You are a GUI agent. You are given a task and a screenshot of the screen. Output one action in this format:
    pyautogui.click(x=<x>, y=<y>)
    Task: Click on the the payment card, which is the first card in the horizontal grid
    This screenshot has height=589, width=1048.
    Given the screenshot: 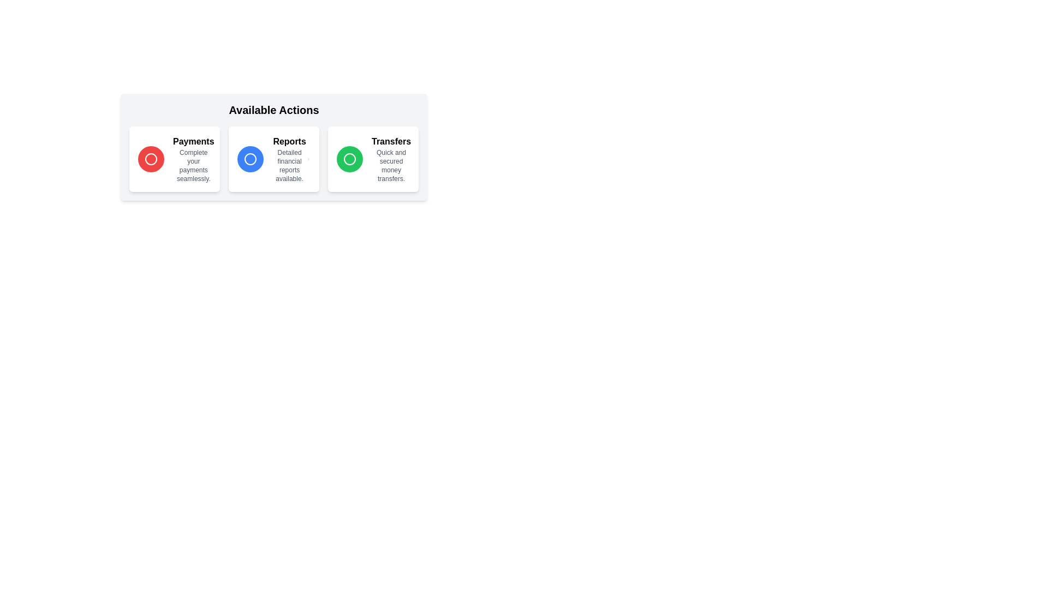 What is the action you would take?
    pyautogui.click(x=175, y=159)
    